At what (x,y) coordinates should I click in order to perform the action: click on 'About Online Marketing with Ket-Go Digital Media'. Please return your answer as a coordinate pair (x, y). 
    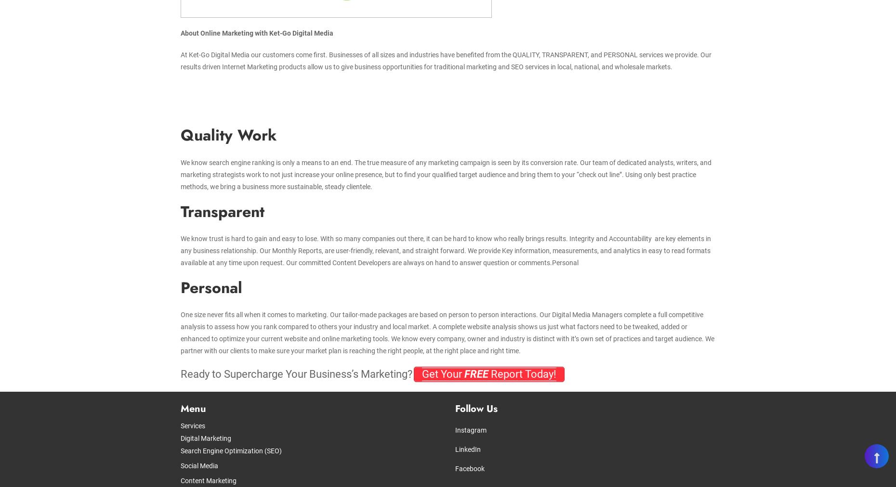
    Looking at the image, I should click on (257, 33).